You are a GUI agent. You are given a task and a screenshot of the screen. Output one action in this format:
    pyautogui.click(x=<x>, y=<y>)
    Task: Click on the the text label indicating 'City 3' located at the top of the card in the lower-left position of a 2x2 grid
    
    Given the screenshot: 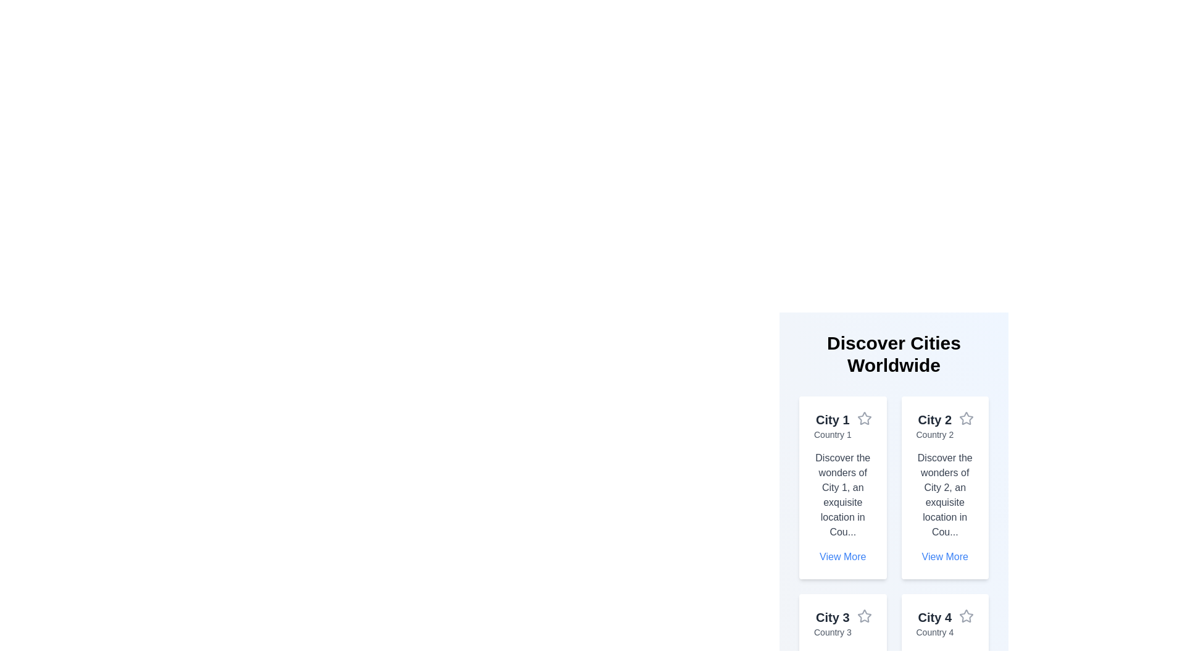 What is the action you would take?
    pyautogui.click(x=833, y=617)
    